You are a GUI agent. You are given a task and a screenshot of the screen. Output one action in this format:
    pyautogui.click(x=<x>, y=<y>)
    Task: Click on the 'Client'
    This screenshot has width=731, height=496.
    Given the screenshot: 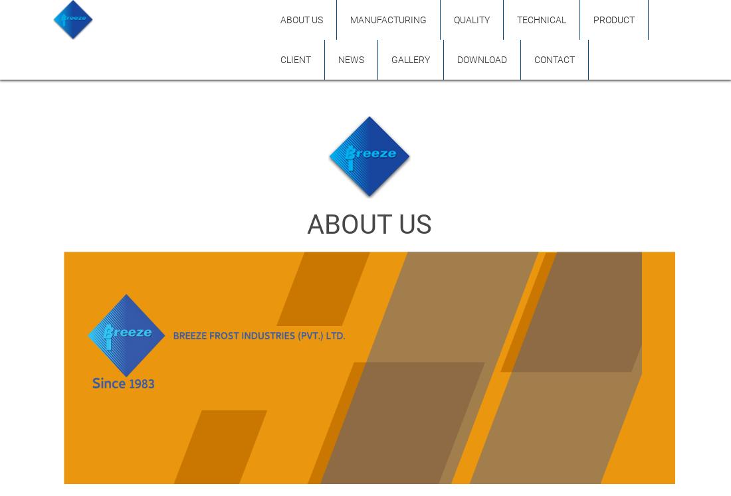 What is the action you would take?
    pyautogui.click(x=294, y=60)
    